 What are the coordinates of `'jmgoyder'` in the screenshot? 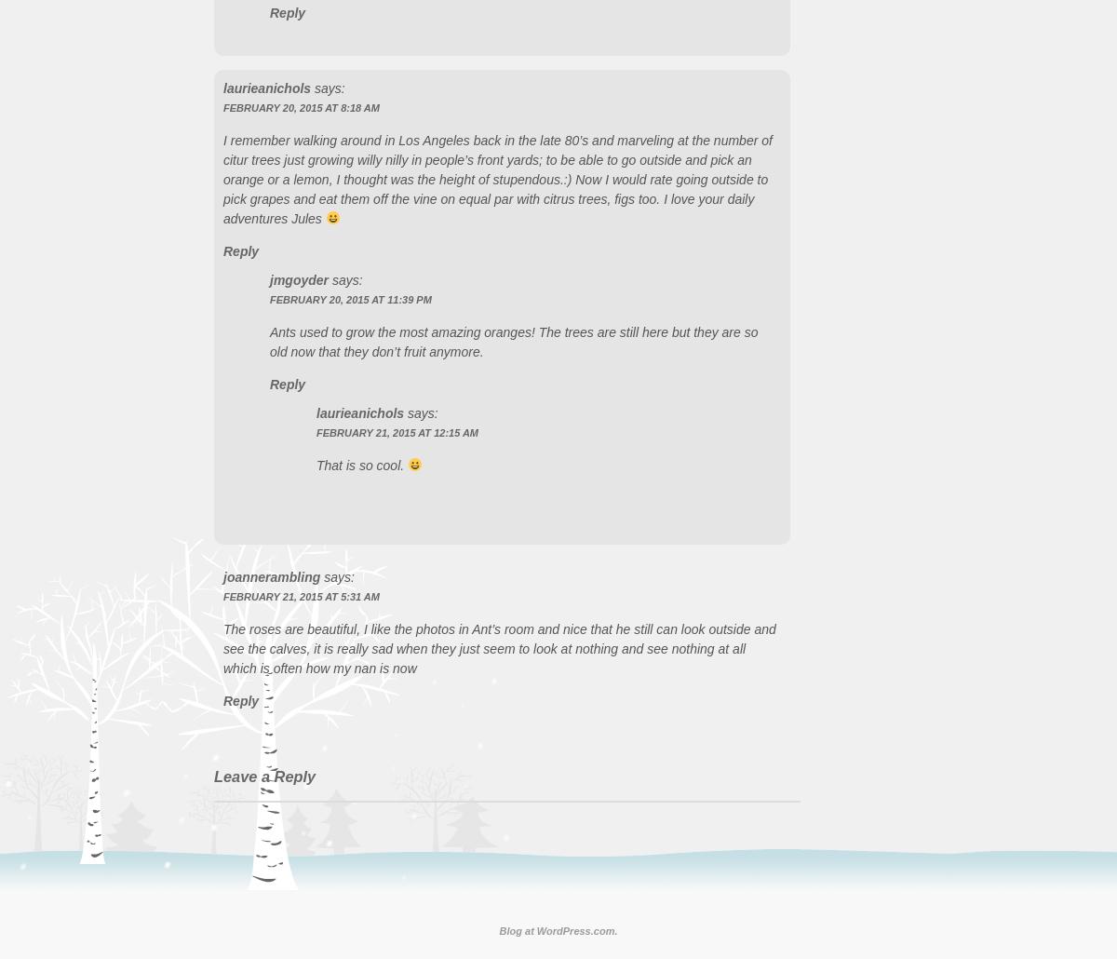 It's located at (299, 278).